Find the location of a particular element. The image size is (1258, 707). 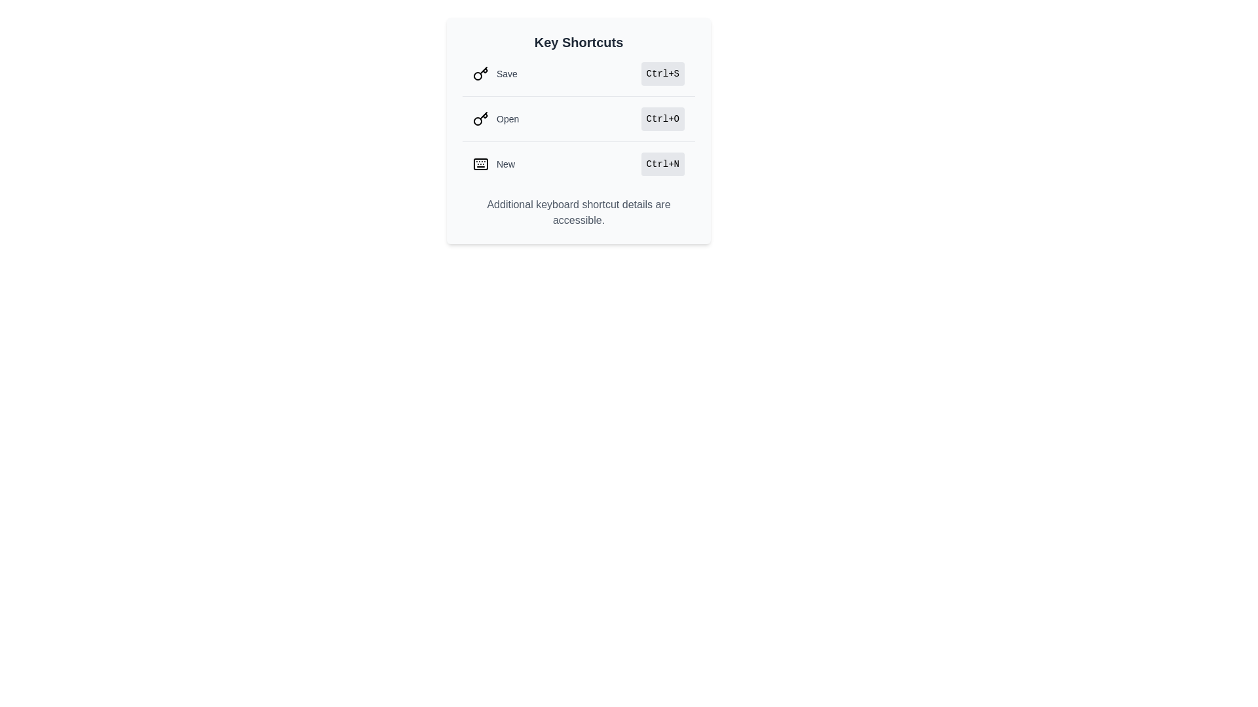

the label that describes the keyboard shortcut 'Ctrl+N', which is positioned to the right of a keyboard icon and is the third item under the 'Key Shortcuts' heading is located at coordinates (505, 163).